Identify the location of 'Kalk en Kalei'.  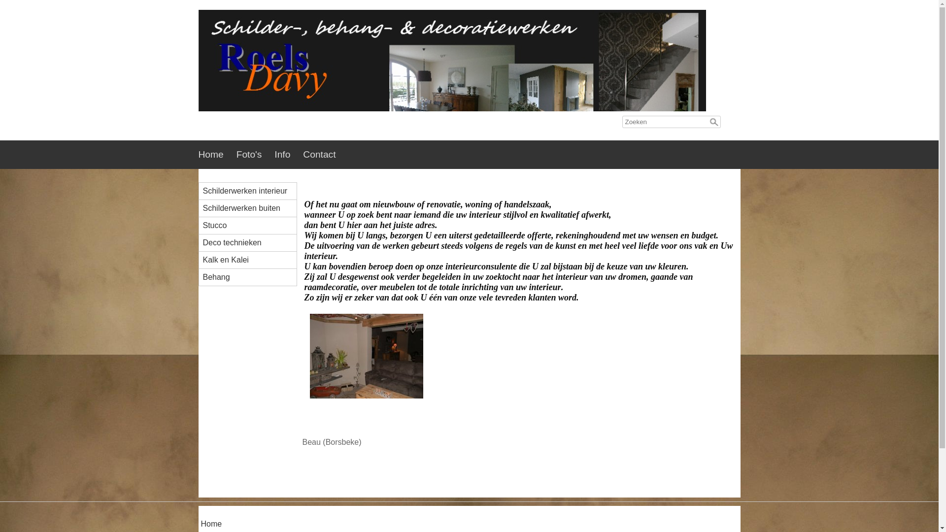
(251, 260).